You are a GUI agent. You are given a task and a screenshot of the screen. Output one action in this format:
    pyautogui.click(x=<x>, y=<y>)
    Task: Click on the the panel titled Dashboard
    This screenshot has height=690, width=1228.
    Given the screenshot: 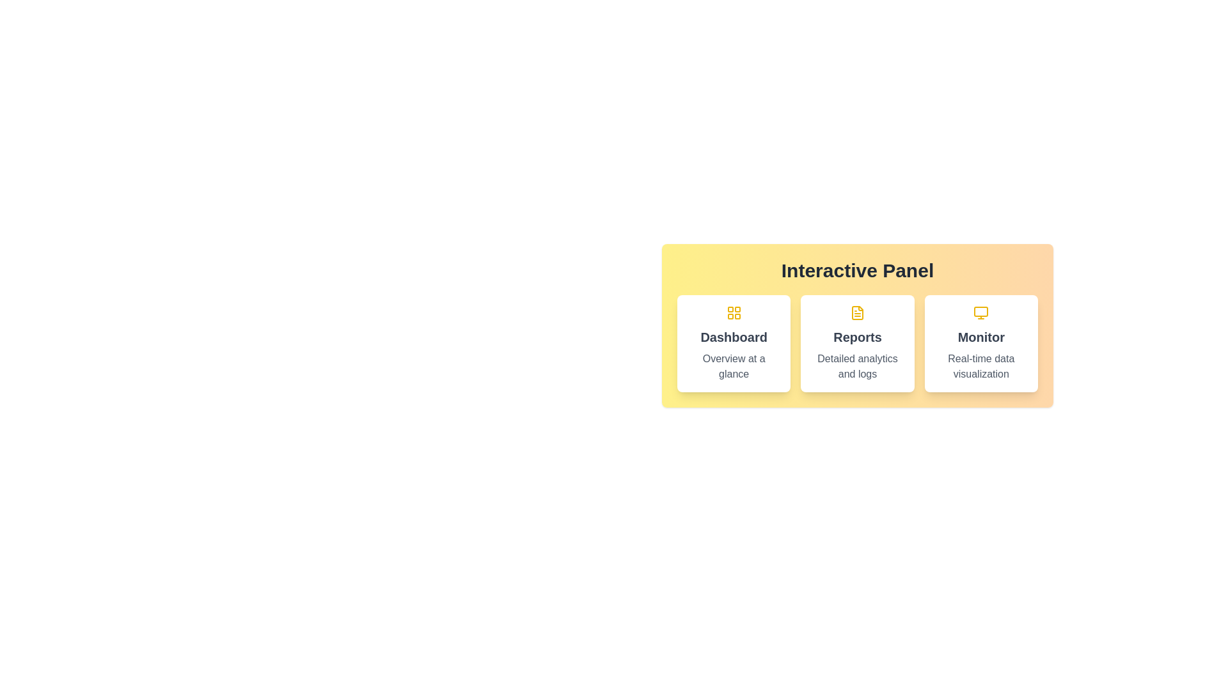 What is the action you would take?
    pyautogui.click(x=734, y=342)
    